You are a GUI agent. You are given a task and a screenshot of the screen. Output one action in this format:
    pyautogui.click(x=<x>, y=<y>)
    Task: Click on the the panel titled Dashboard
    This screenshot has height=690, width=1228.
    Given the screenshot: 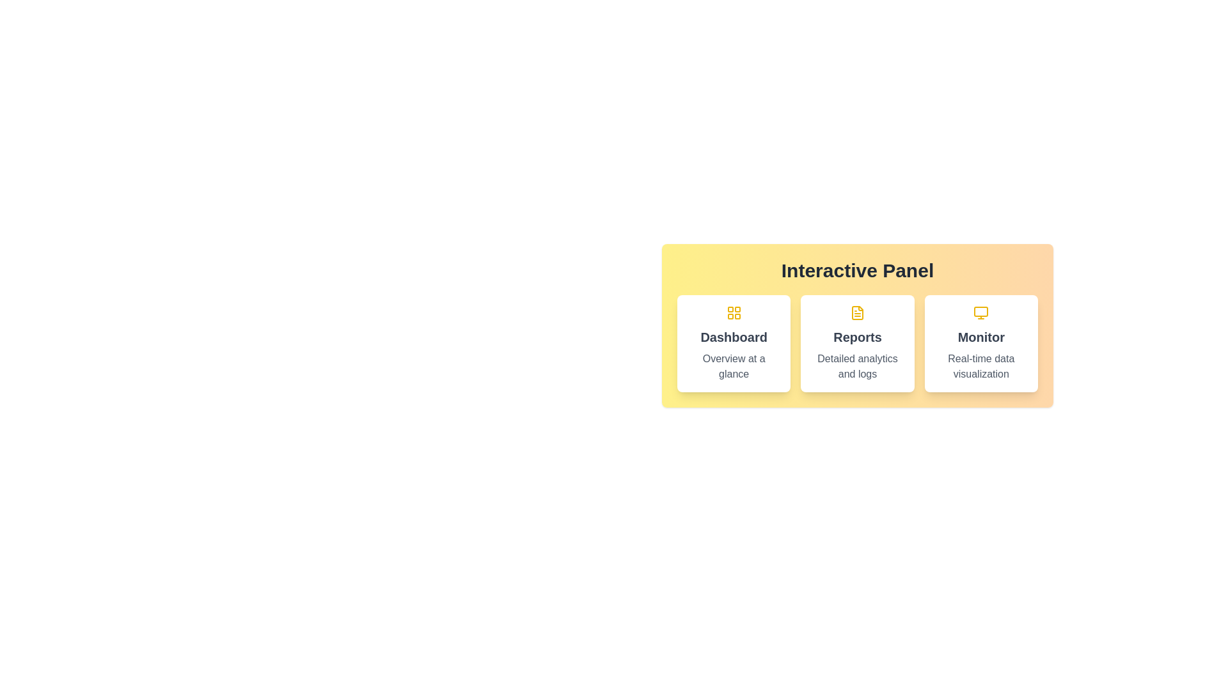 What is the action you would take?
    pyautogui.click(x=734, y=342)
    